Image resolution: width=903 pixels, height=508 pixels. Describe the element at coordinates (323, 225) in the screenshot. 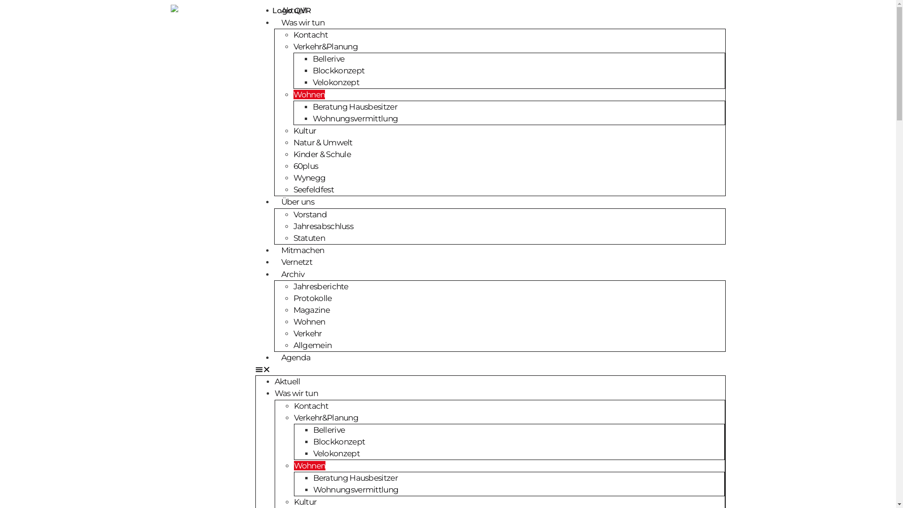

I see `'Jahresabschluss'` at that location.